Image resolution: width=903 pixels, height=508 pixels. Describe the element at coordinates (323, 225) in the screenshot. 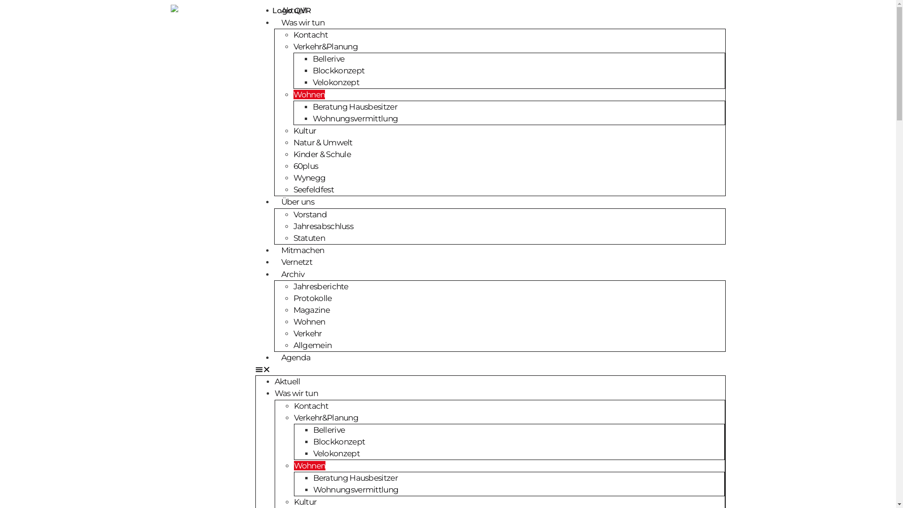

I see `'Jahresabschluss'` at that location.